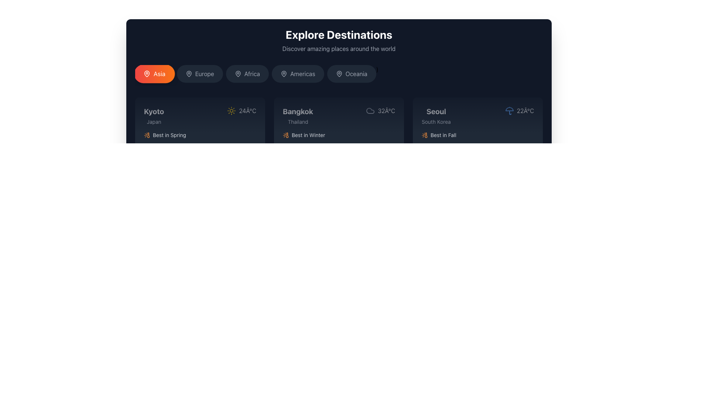  I want to click on the Information Card displaying 'Bangkok', 'Thailand', '32°C', and 'Best in Winter', which is the second card in a row of similar cards, so click(338, 139).